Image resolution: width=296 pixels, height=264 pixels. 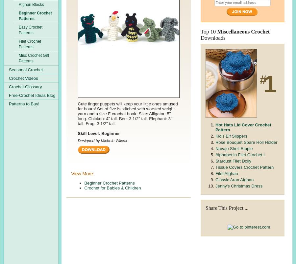 I want to click on 'Crochet for Babies & Children', so click(x=112, y=187).